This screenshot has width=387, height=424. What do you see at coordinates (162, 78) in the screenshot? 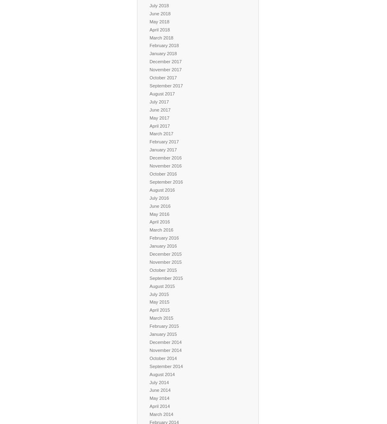
I see `'October 2017'` at bounding box center [162, 78].